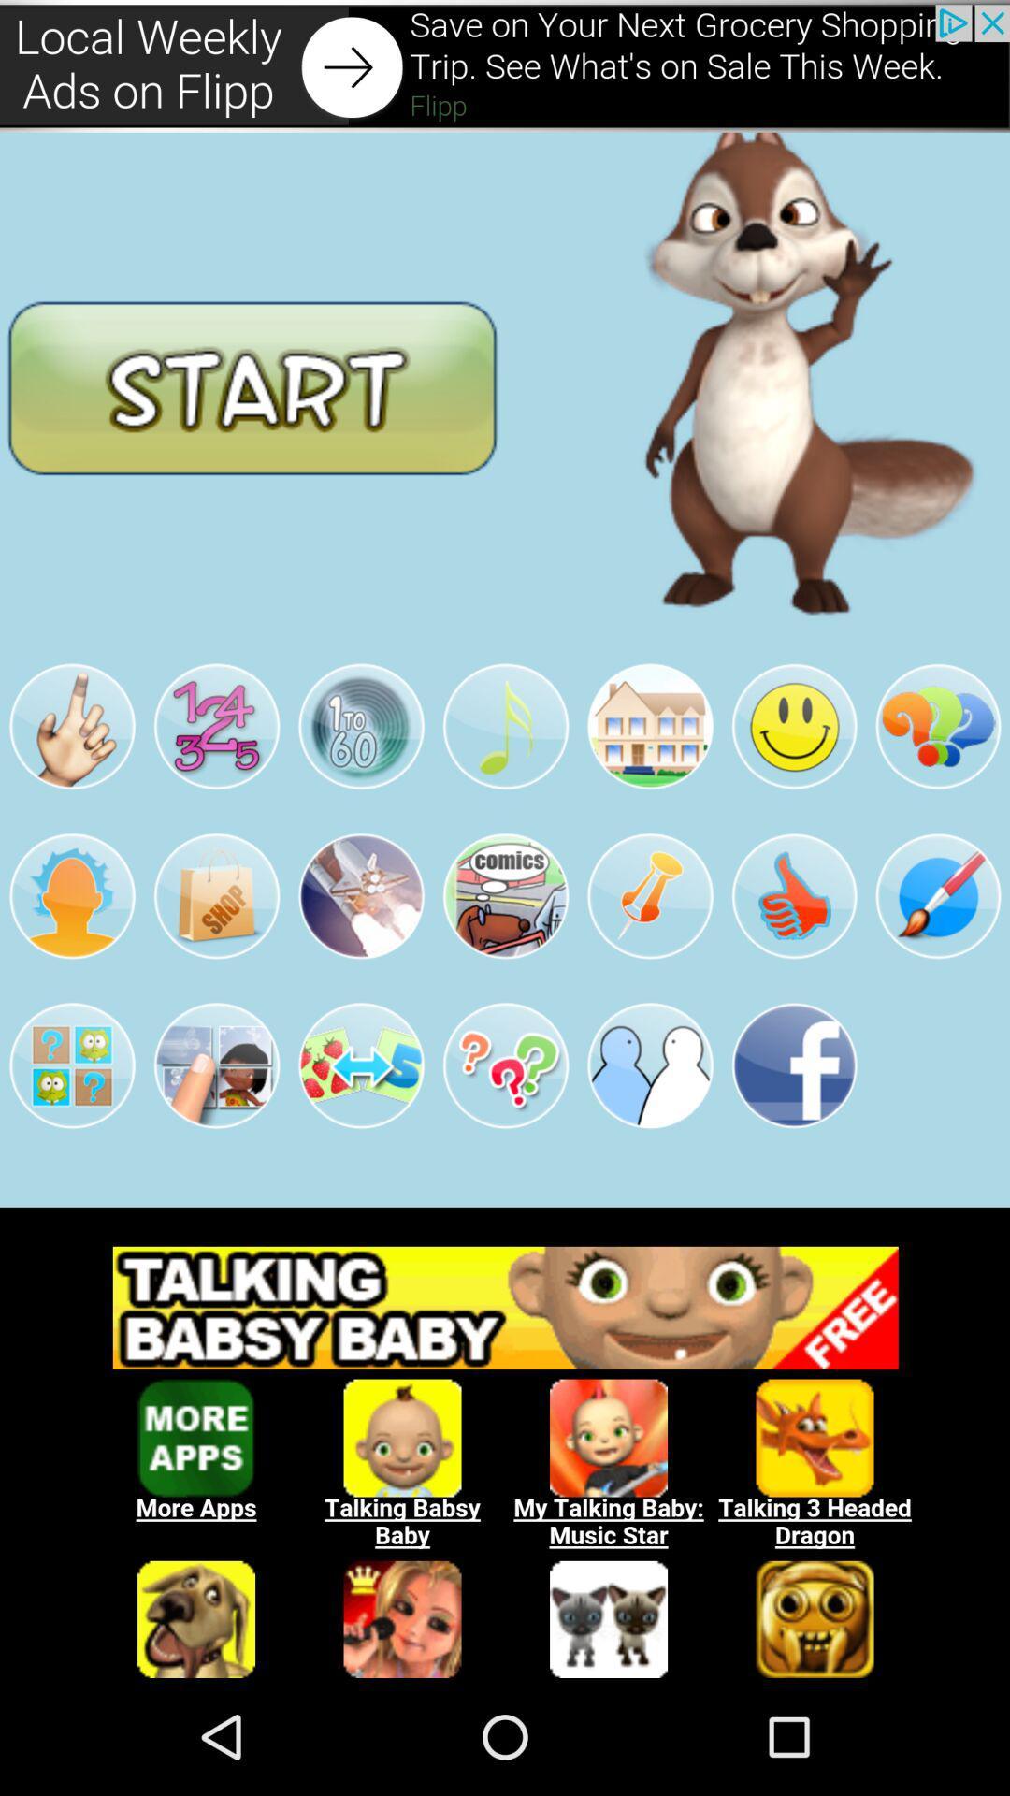  I want to click on the music icon, so click(505, 777).